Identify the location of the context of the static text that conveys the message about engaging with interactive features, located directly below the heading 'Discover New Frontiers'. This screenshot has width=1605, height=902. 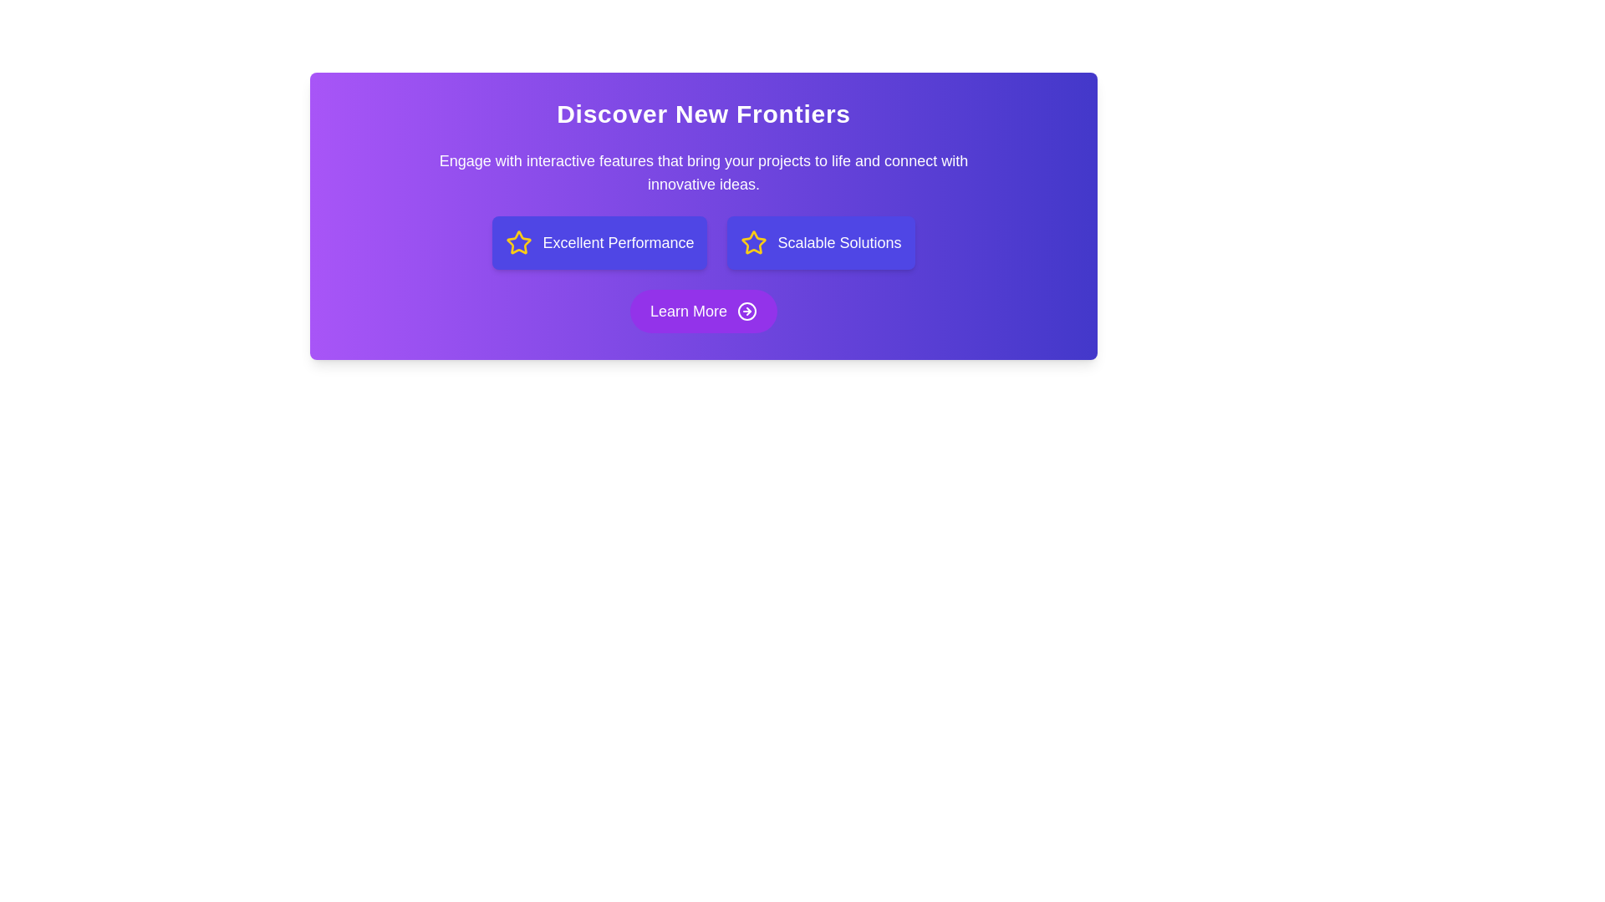
(703, 173).